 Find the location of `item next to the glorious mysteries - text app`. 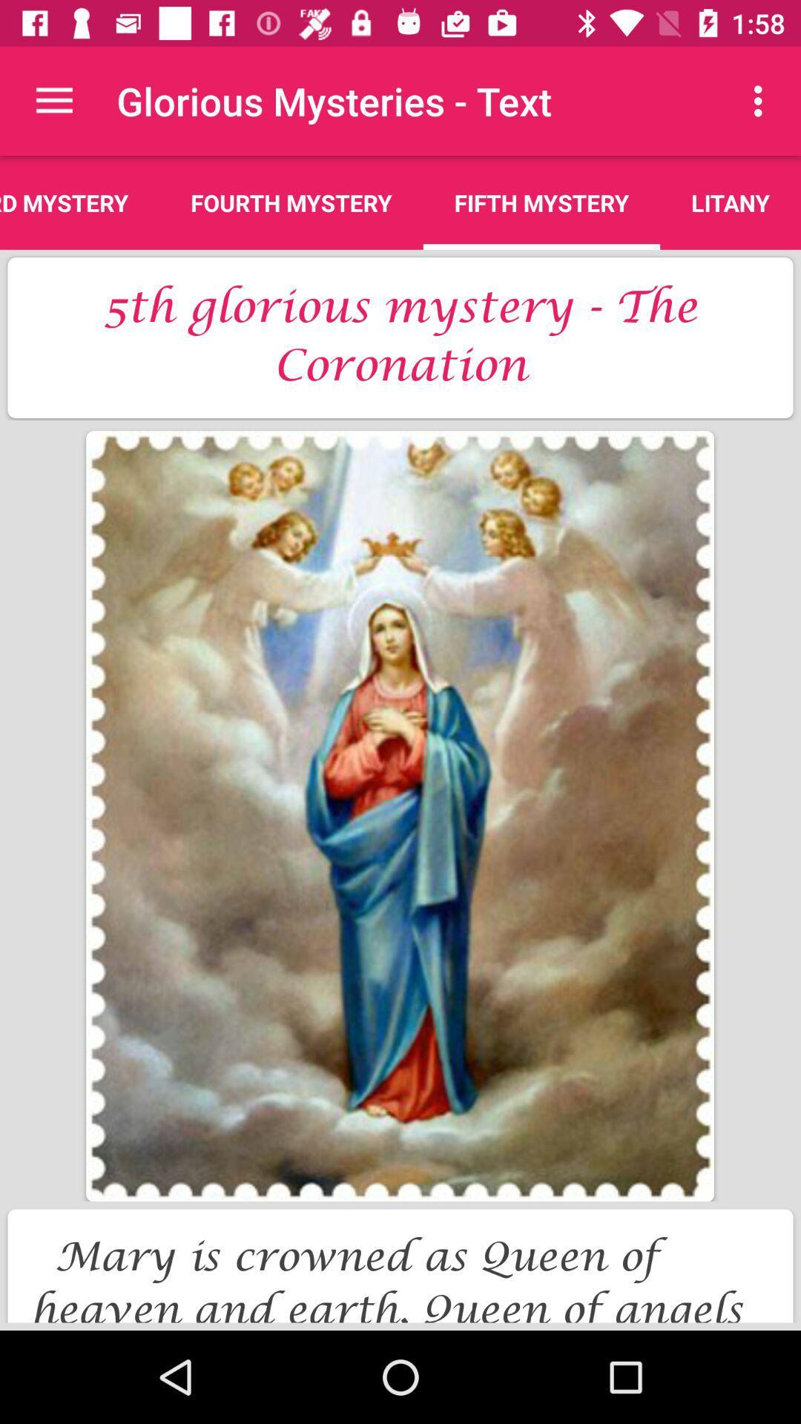

item next to the glorious mysteries - text app is located at coordinates (53, 100).